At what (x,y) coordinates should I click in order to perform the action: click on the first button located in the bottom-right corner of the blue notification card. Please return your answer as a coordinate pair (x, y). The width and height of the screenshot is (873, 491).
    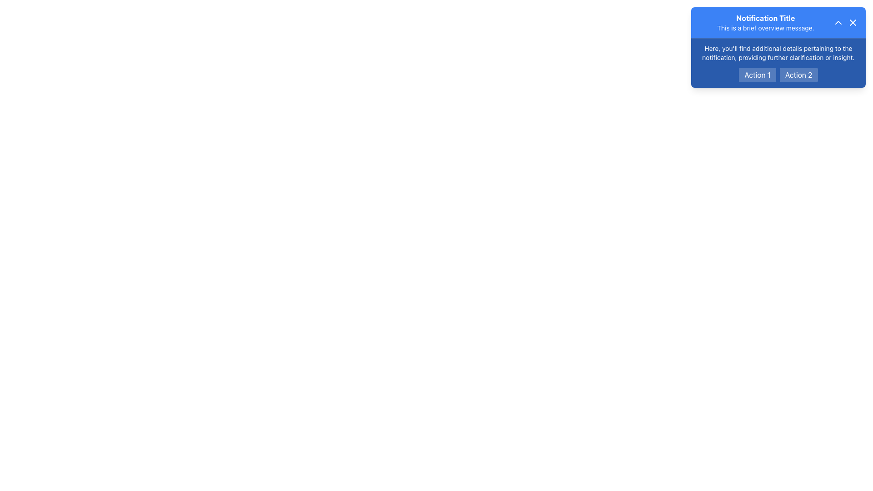
    Looking at the image, I should click on (757, 75).